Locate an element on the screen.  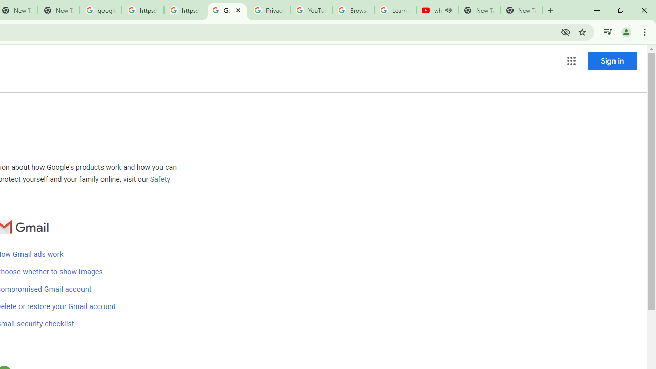
'https://scholar.google.com/' is located at coordinates (142, 10).